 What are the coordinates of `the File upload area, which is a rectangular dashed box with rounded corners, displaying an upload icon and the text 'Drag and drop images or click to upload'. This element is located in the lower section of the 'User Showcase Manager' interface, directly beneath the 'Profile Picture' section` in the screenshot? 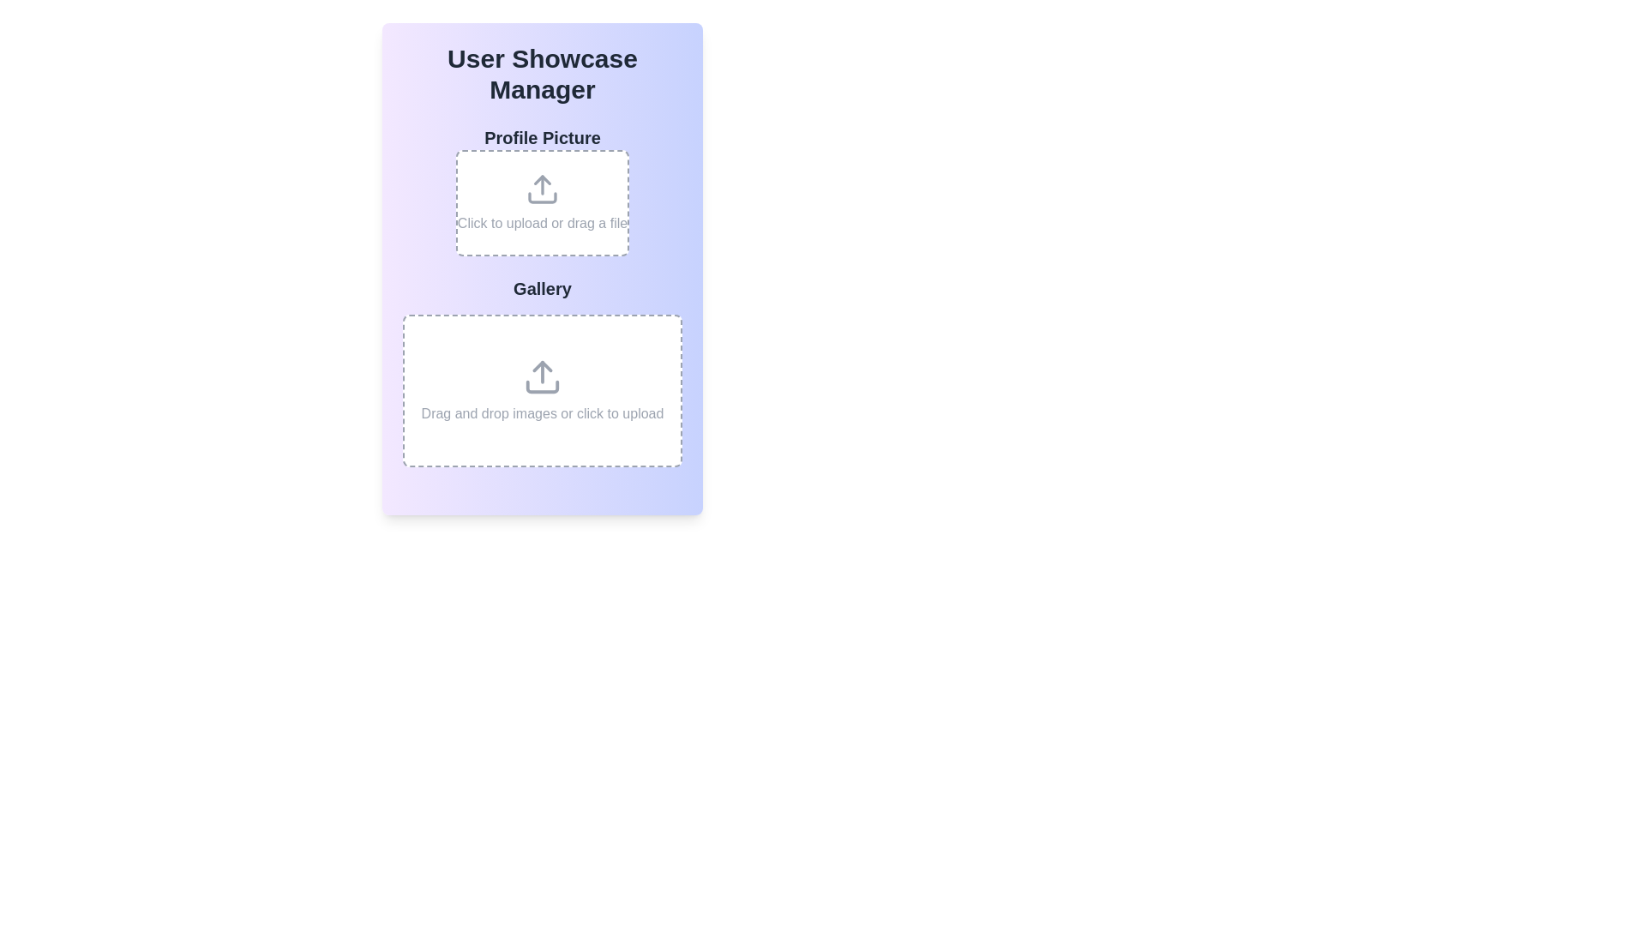 It's located at (542, 371).